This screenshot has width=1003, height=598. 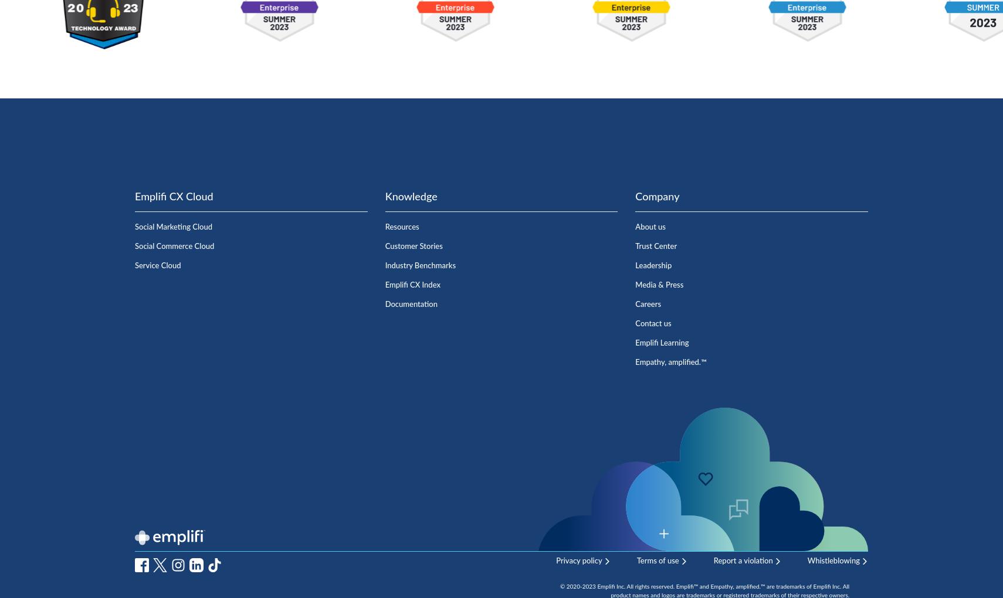 What do you see at coordinates (412, 284) in the screenshot?
I see `'Emplifi CX Index'` at bounding box center [412, 284].